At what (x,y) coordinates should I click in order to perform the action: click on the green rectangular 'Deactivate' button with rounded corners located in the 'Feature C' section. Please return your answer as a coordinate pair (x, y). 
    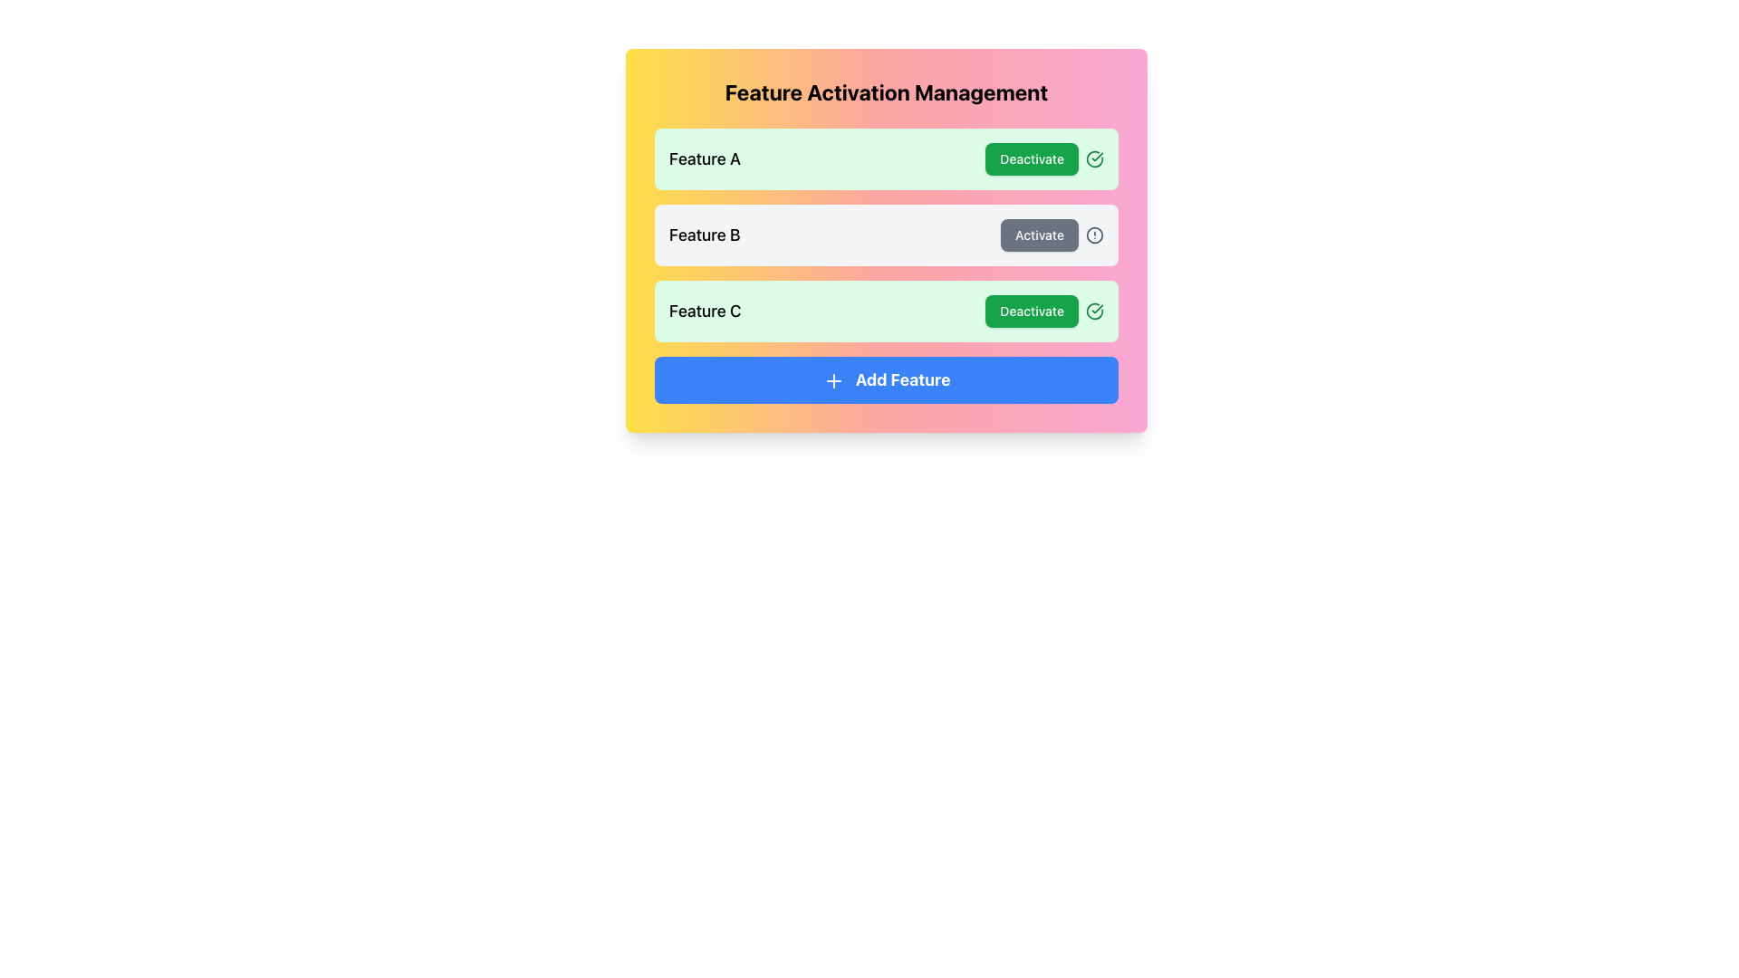
    Looking at the image, I should click on (1044, 310).